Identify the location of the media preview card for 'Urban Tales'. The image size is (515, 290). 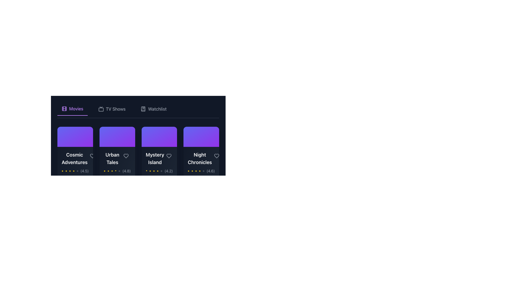
(117, 173).